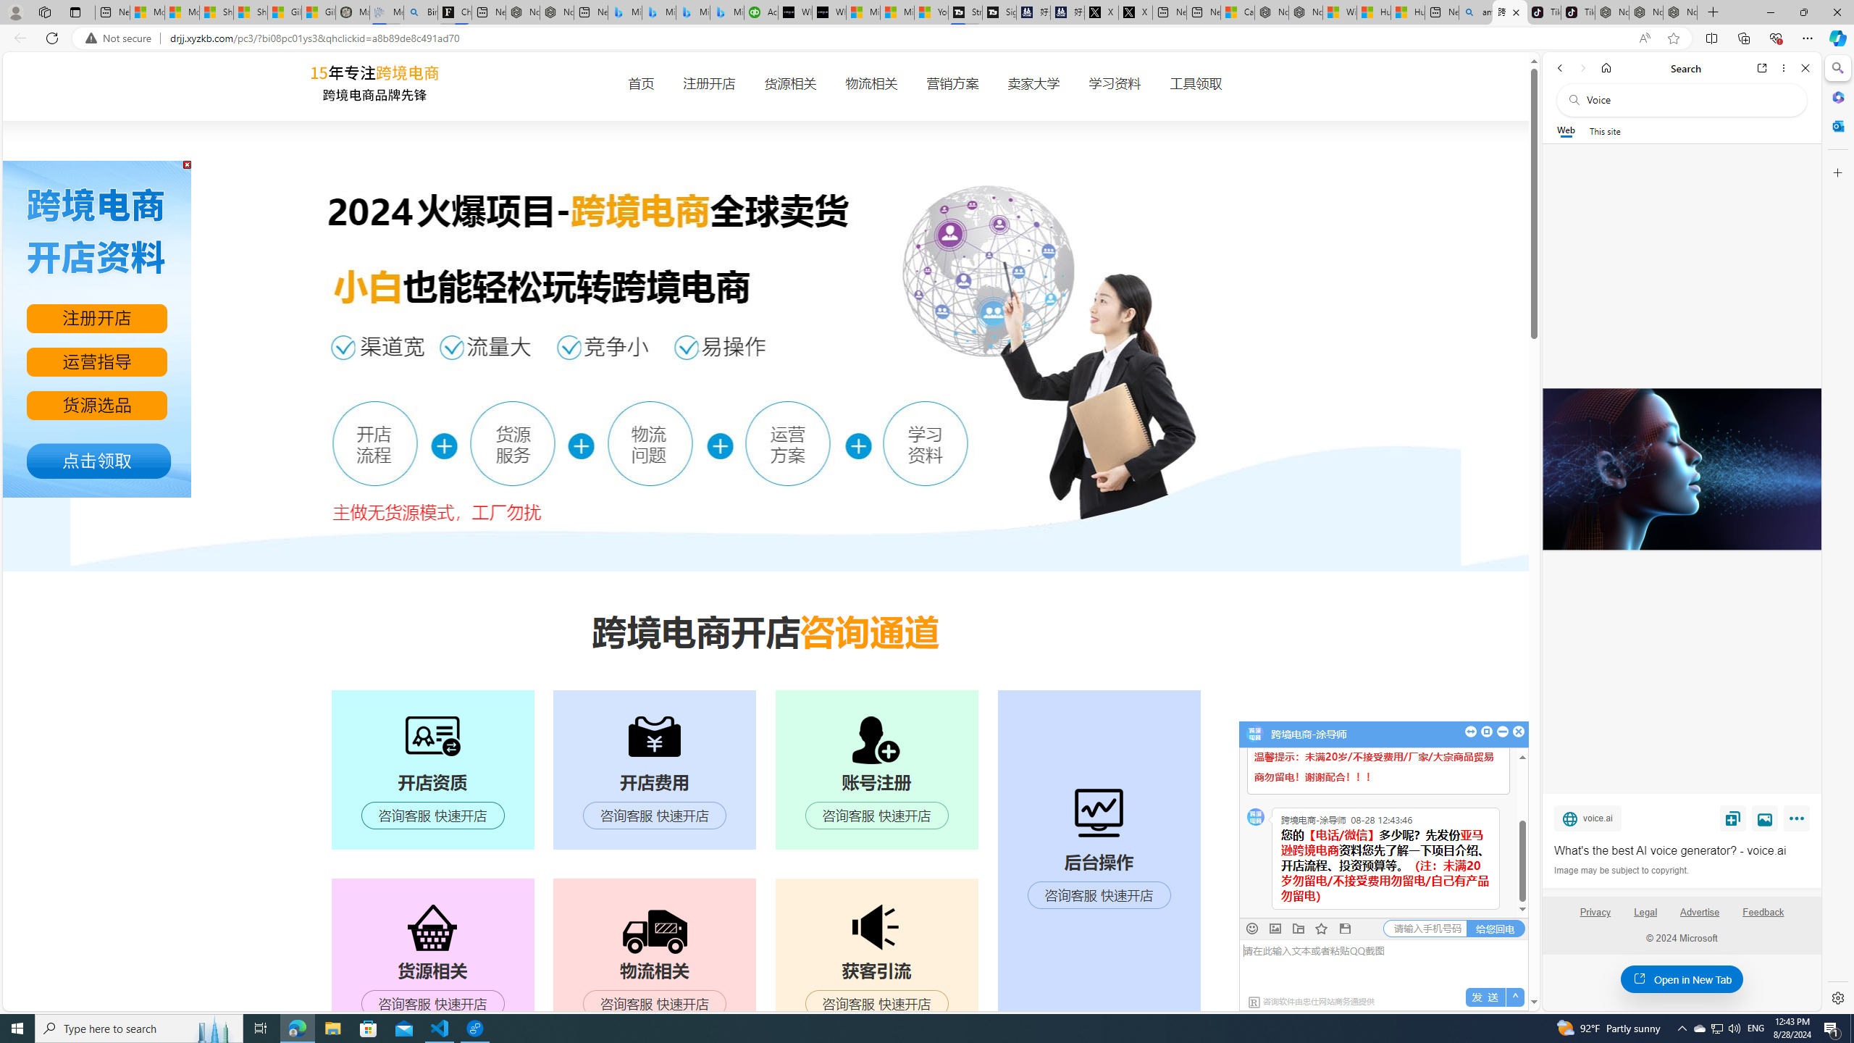 The image size is (1854, 1043). Describe the element at coordinates (1620, 869) in the screenshot. I see `'Image may be subject to copyright.'` at that location.